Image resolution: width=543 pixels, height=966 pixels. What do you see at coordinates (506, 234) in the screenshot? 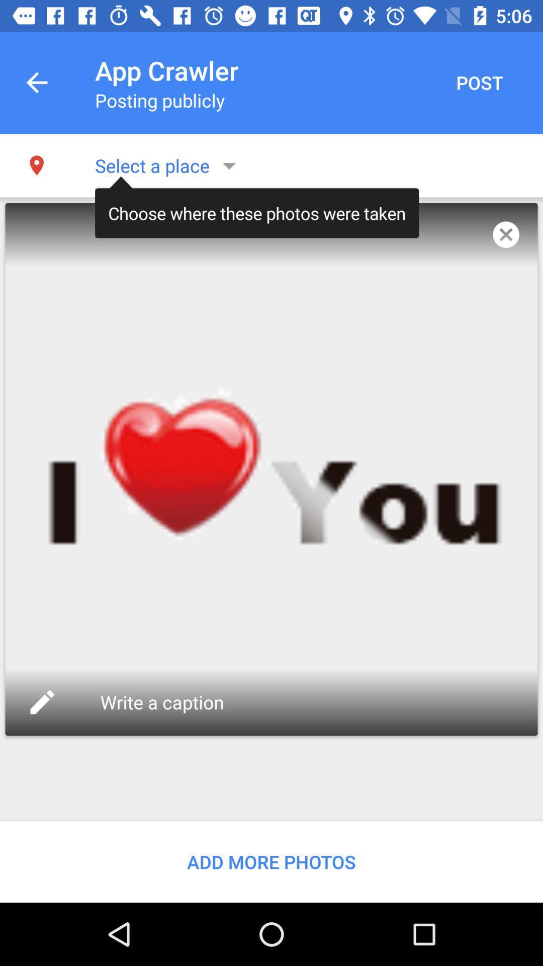
I see `the app next to the choose where these icon` at bounding box center [506, 234].